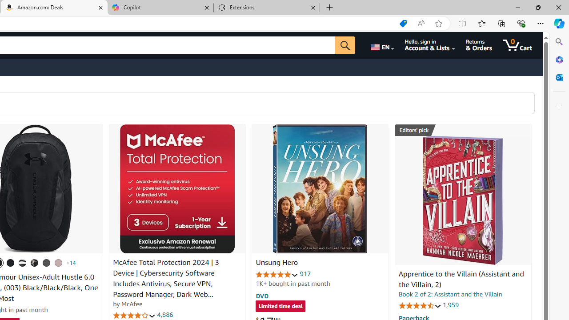 This screenshot has height=320, width=569. Describe the element at coordinates (345, 45) in the screenshot. I see `'Go'` at that location.